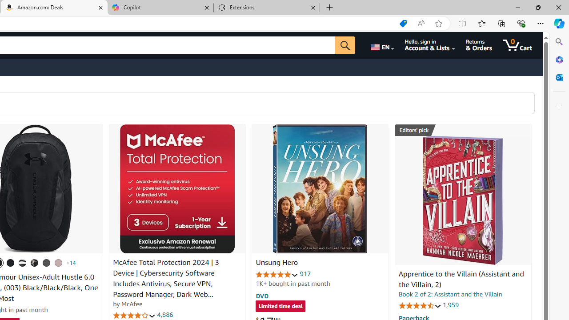 This screenshot has height=320, width=569. Describe the element at coordinates (345, 45) in the screenshot. I see `'Go'` at that location.